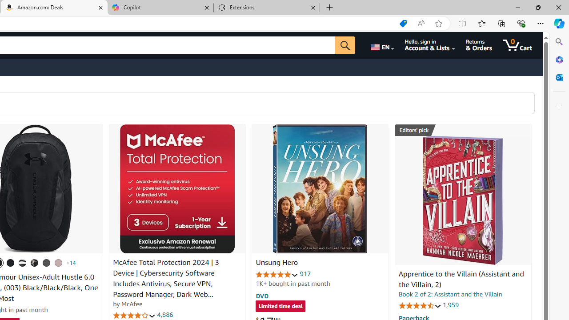 This screenshot has height=320, width=569. Describe the element at coordinates (345, 45) in the screenshot. I see `'Go'` at that location.